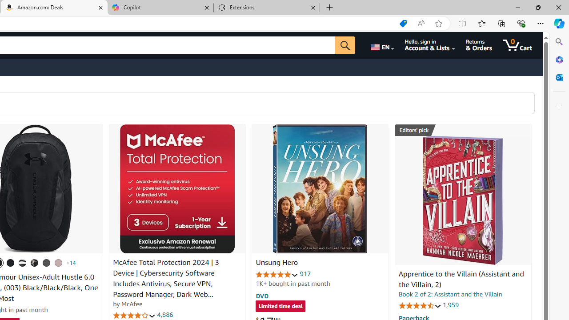 This screenshot has height=320, width=569. Describe the element at coordinates (345, 45) in the screenshot. I see `'Go'` at that location.